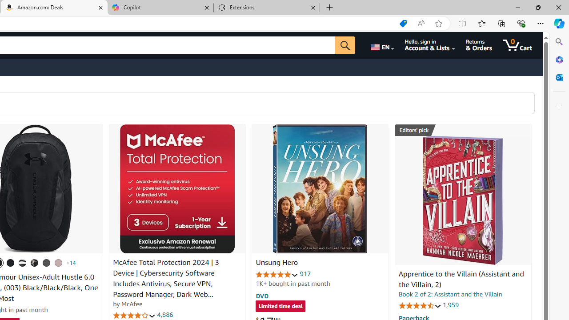 This screenshot has height=320, width=569. Describe the element at coordinates (345, 45) in the screenshot. I see `'Go'` at that location.